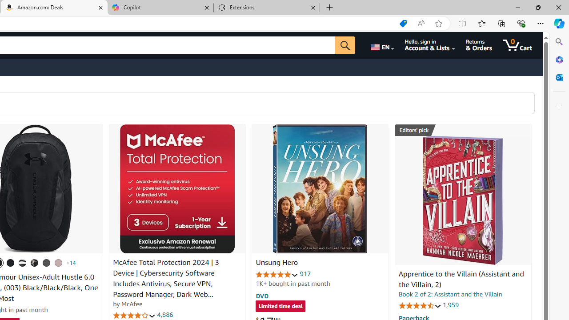 This screenshot has height=320, width=569. Describe the element at coordinates (345, 45) in the screenshot. I see `'Go'` at that location.